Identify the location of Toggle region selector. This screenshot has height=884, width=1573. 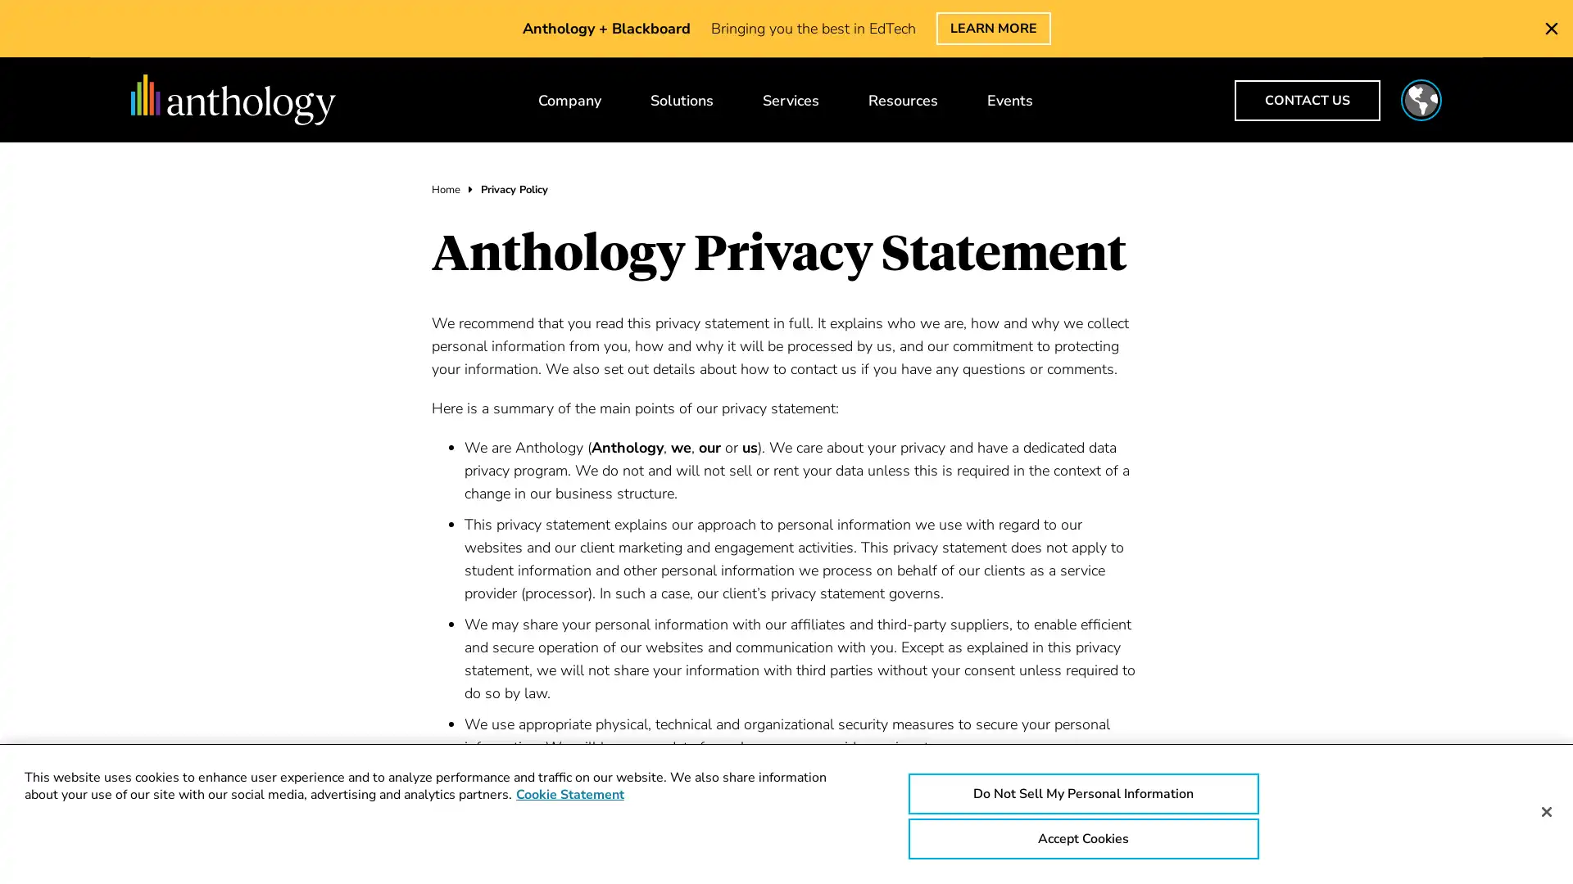
(1420, 100).